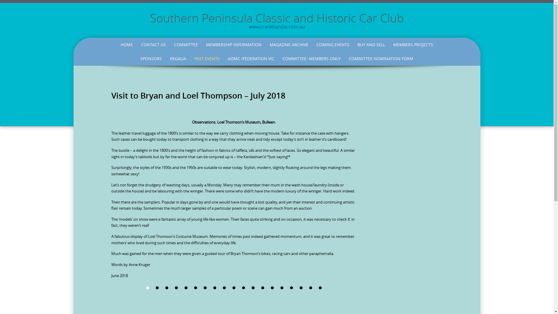 The width and height of the screenshot is (558, 314). What do you see at coordinates (191, 58) in the screenshot?
I see `'PAST EVENTS'` at bounding box center [191, 58].